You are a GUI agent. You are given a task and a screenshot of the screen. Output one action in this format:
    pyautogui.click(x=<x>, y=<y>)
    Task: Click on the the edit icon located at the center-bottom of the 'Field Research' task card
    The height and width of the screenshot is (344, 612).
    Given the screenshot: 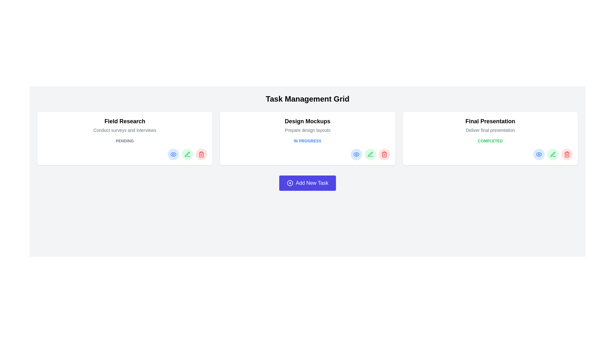 What is the action you would take?
    pyautogui.click(x=187, y=154)
    